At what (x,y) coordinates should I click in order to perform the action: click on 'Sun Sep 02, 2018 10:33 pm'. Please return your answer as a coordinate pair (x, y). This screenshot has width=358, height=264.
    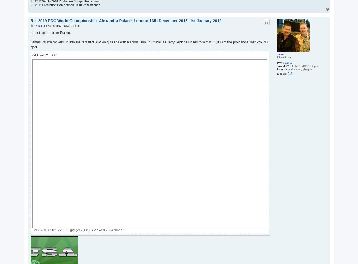
    Looking at the image, I should click on (64, 25).